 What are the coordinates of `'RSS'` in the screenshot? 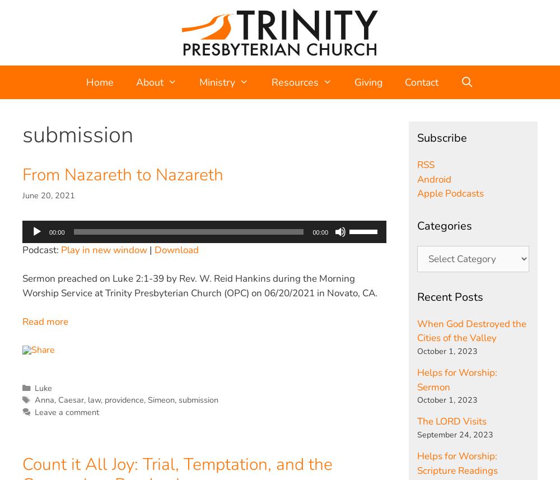 It's located at (426, 164).